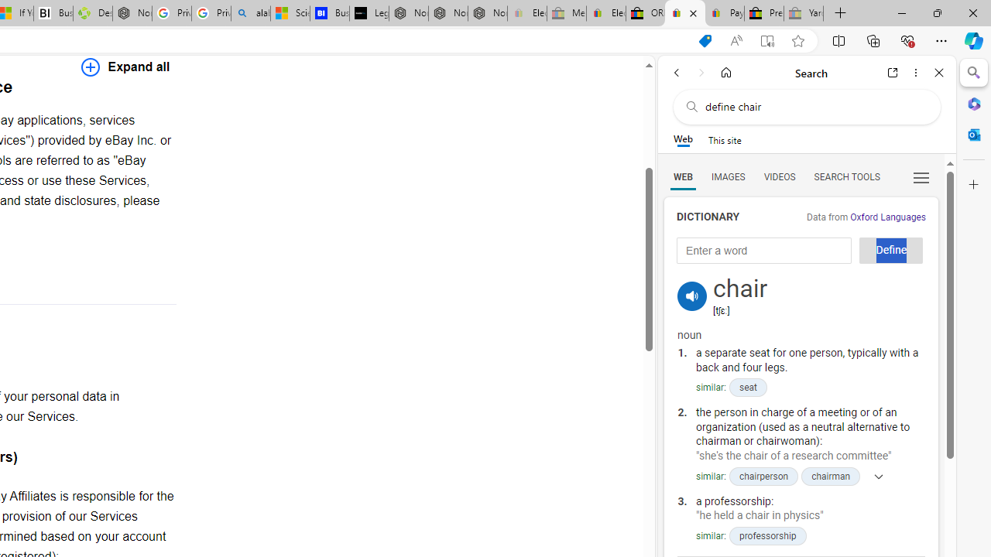  What do you see at coordinates (764, 250) in the screenshot?
I see `'Enter a word'` at bounding box center [764, 250].